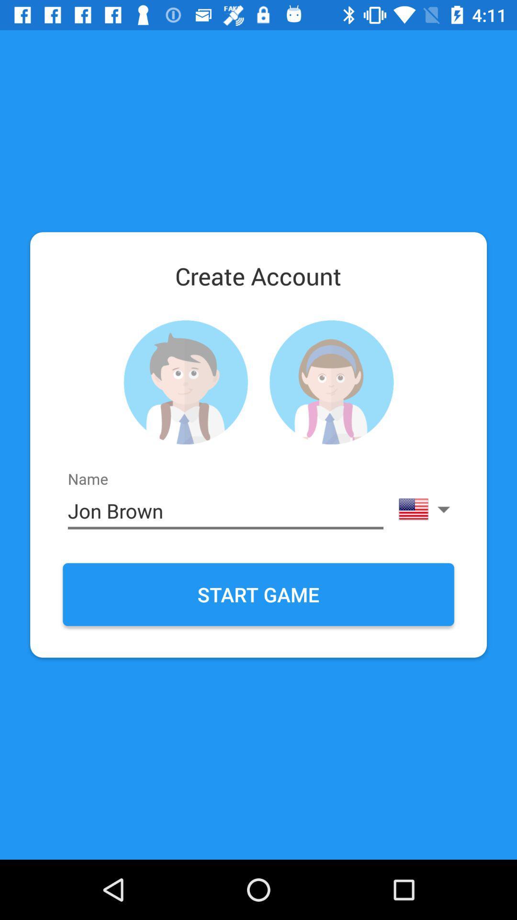 Image resolution: width=517 pixels, height=920 pixels. What do you see at coordinates (331, 382) in the screenshot?
I see `photo profile button` at bounding box center [331, 382].